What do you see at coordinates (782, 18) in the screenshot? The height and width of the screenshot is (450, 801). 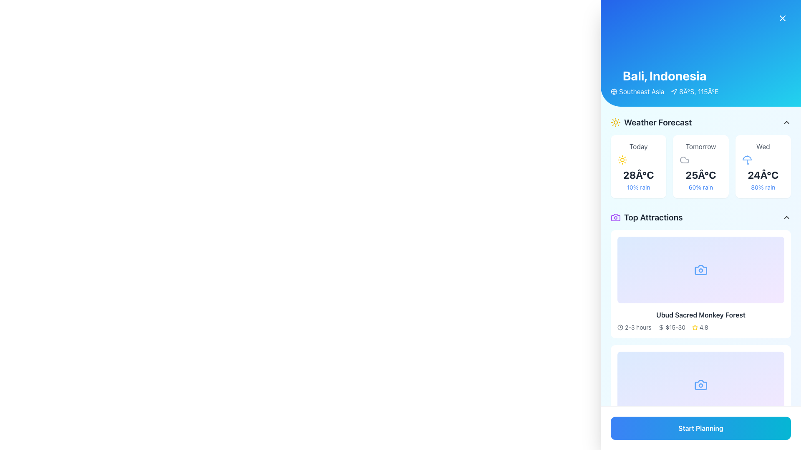 I see `the circular close icon with a white 'X' symbol located on a bright blue background in the top-right corner of the card displaying location 'Bali, Indonesia' and weather details` at bounding box center [782, 18].